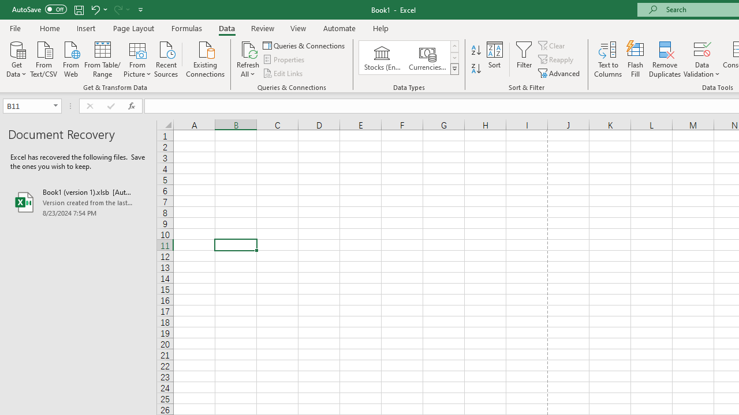  Describe the element at coordinates (409, 58) in the screenshot. I see `'AutomationID: ConvertToLinkedEntity'` at that location.